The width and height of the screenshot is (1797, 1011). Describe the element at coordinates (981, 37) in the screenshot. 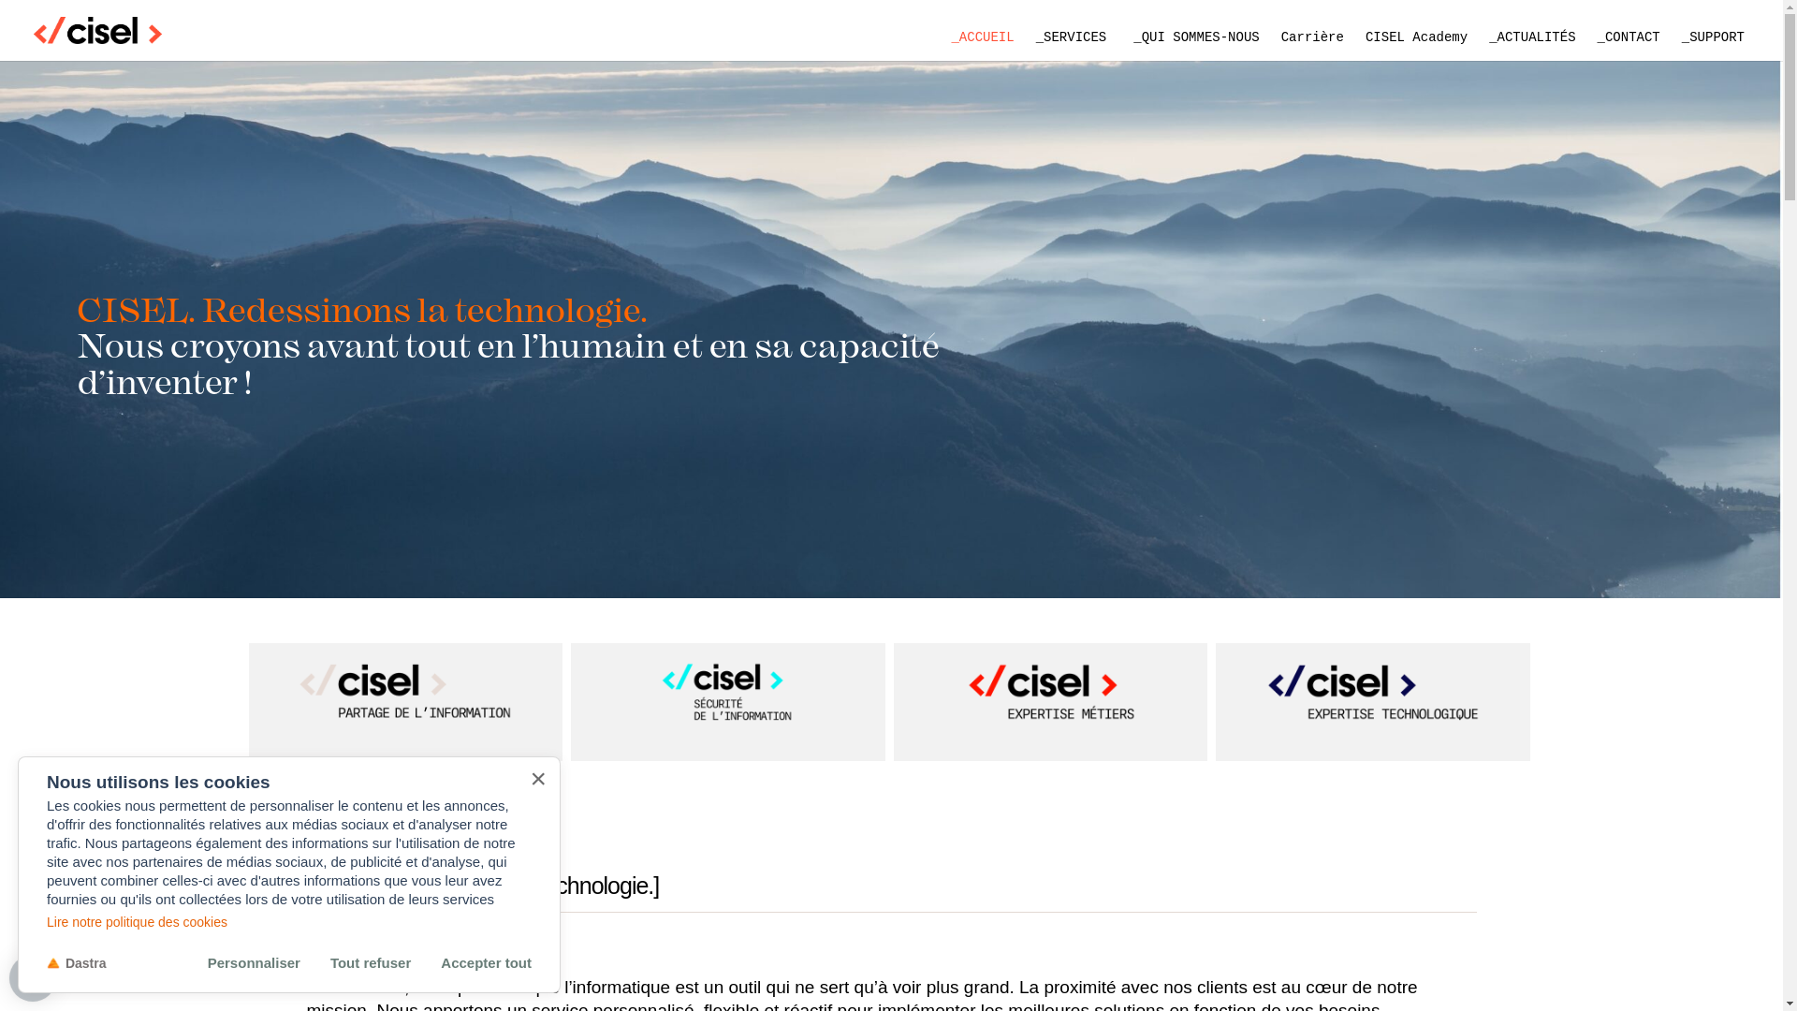

I see `'_ACCUEIL'` at that location.